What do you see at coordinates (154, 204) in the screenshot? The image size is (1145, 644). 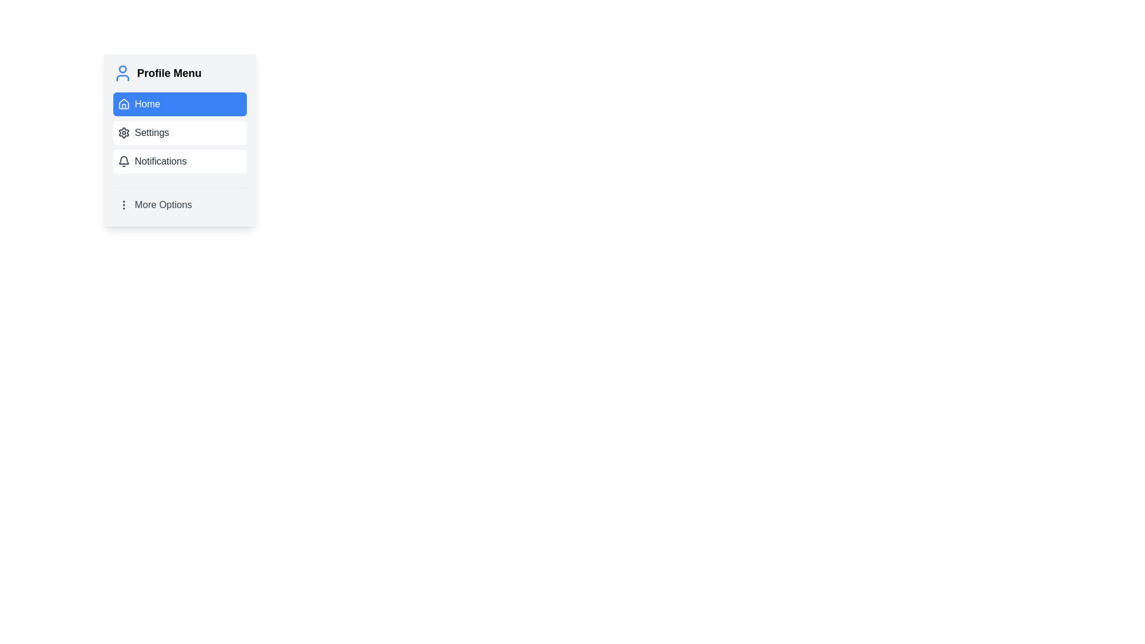 I see `the 'More Options' button in the Profile Menu to change its background for a visual cue` at bounding box center [154, 204].